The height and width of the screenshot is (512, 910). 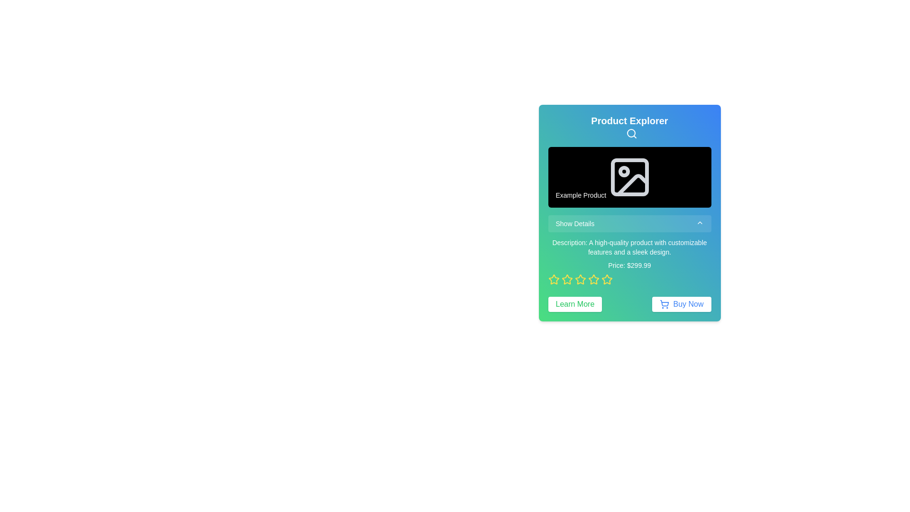 What do you see at coordinates (607, 279) in the screenshot?
I see `the sixth star-shaped rating icon with a yellow border in the horizontal sequence of eight stars, located below the product description and price` at bounding box center [607, 279].